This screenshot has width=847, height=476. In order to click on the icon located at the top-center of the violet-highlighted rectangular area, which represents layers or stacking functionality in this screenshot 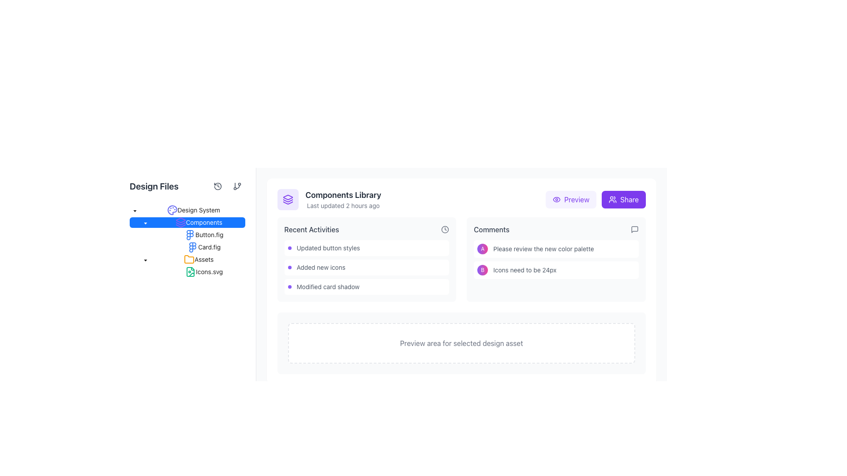, I will do `click(288, 199)`.